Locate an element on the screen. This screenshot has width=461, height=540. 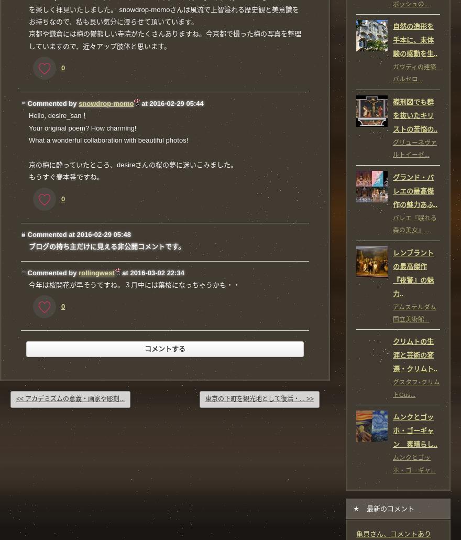
'ガウディの建築　バルセロ...' is located at coordinates (418, 72).